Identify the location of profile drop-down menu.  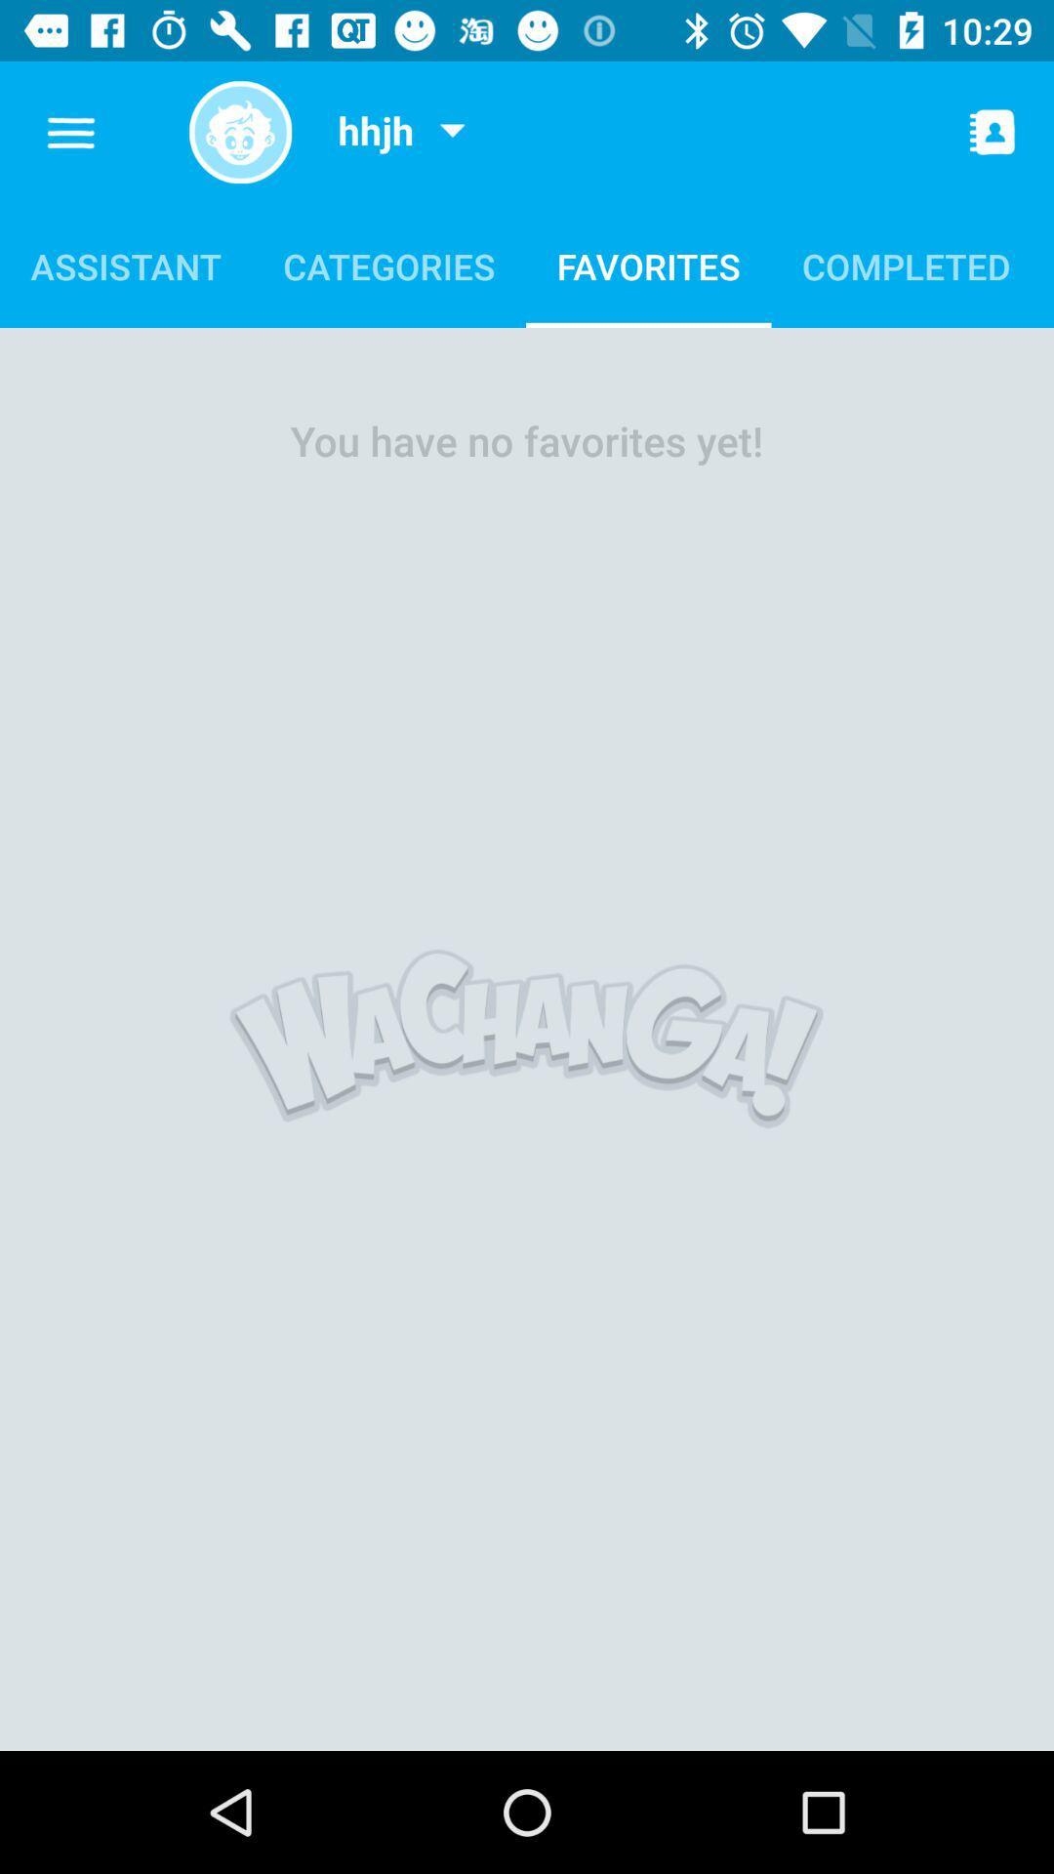
(452, 132).